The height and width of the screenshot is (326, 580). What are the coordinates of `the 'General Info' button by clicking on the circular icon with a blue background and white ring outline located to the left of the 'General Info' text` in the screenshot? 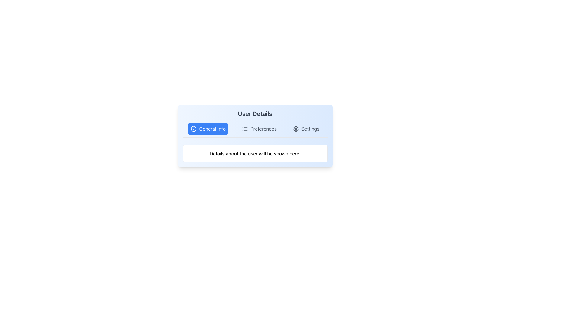 It's located at (194, 129).